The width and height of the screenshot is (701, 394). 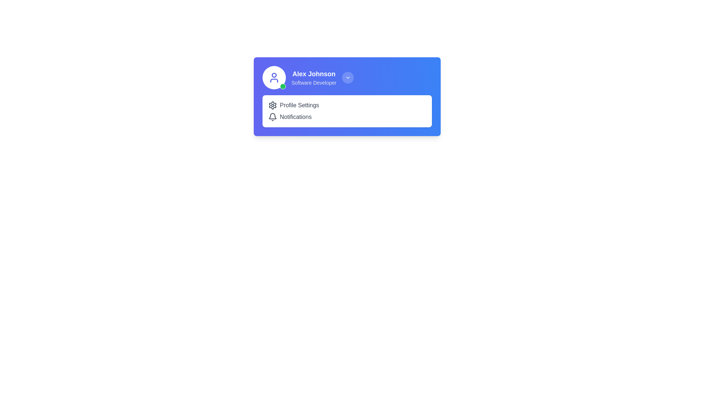 What do you see at coordinates (273, 80) in the screenshot?
I see `the second component of the SVG icon that forms part of the user avatar, located to the left of the text 'Alex Johnson' on the profile panel` at bounding box center [273, 80].